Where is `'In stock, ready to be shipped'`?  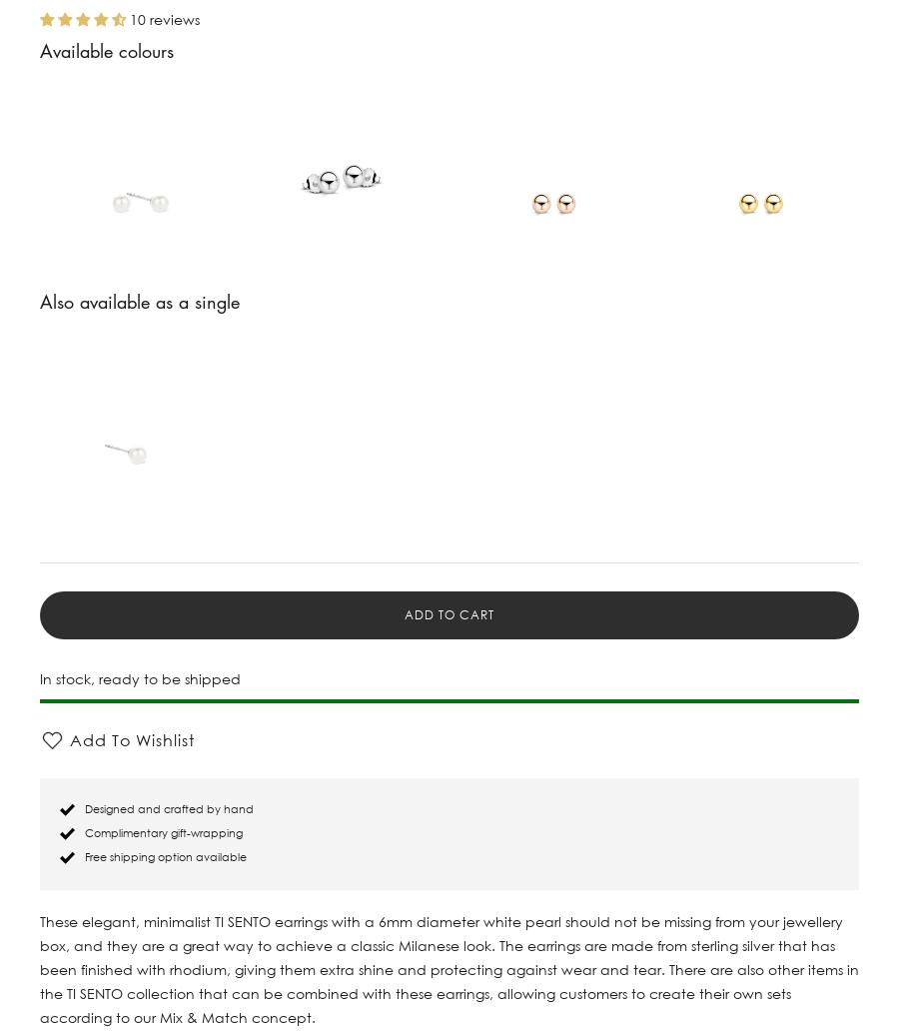 'In stock, ready to be shipped' is located at coordinates (38, 677).